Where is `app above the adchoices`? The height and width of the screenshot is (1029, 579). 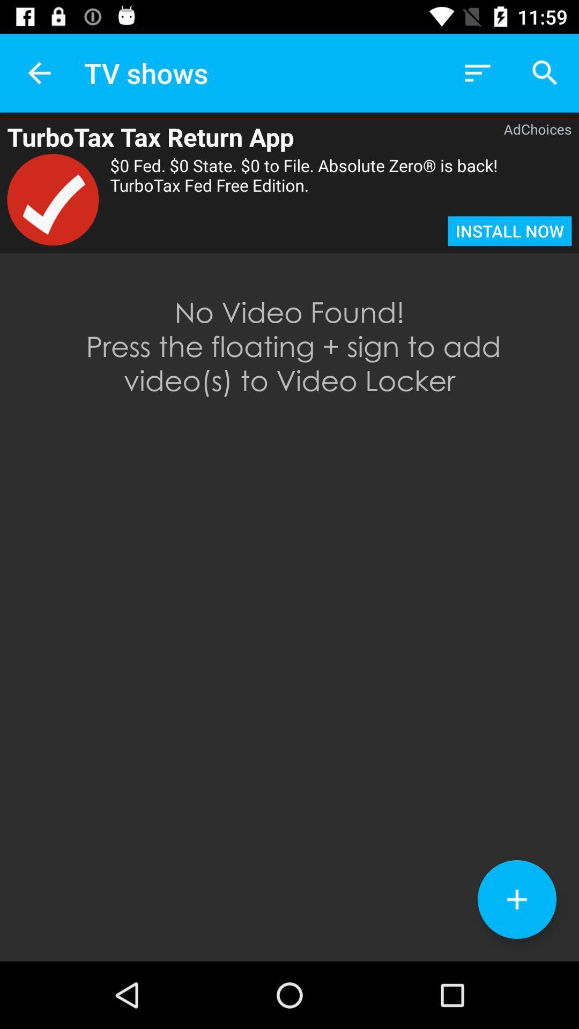 app above the adchoices is located at coordinates (477, 72).